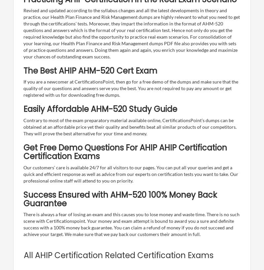 The height and width of the screenshot is (270, 264). Describe the element at coordinates (125, 151) in the screenshot. I see `'Get Free Demo Questions For AHIP AHIP Certification Certification Exams'` at that location.